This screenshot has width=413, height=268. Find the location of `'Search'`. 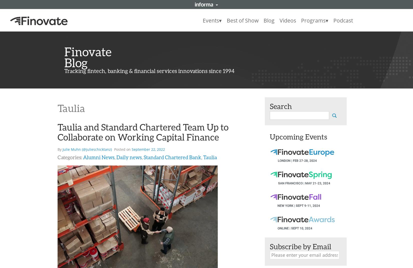

'Search' is located at coordinates (281, 106).